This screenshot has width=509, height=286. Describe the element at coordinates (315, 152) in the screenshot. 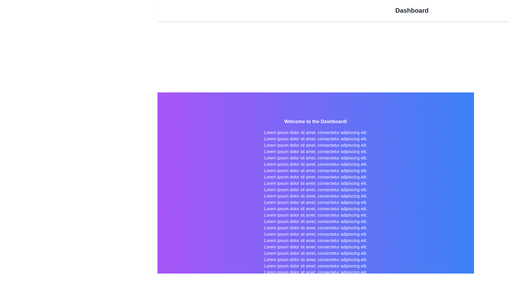

I see `the fifth item in the vertical list of text strings, which provides decorative or informational placeholder content` at that location.